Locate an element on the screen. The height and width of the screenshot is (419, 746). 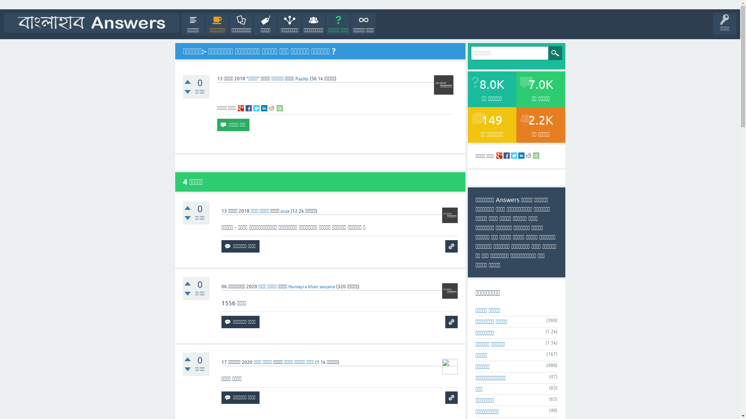
'+' is located at coordinates (187, 82).